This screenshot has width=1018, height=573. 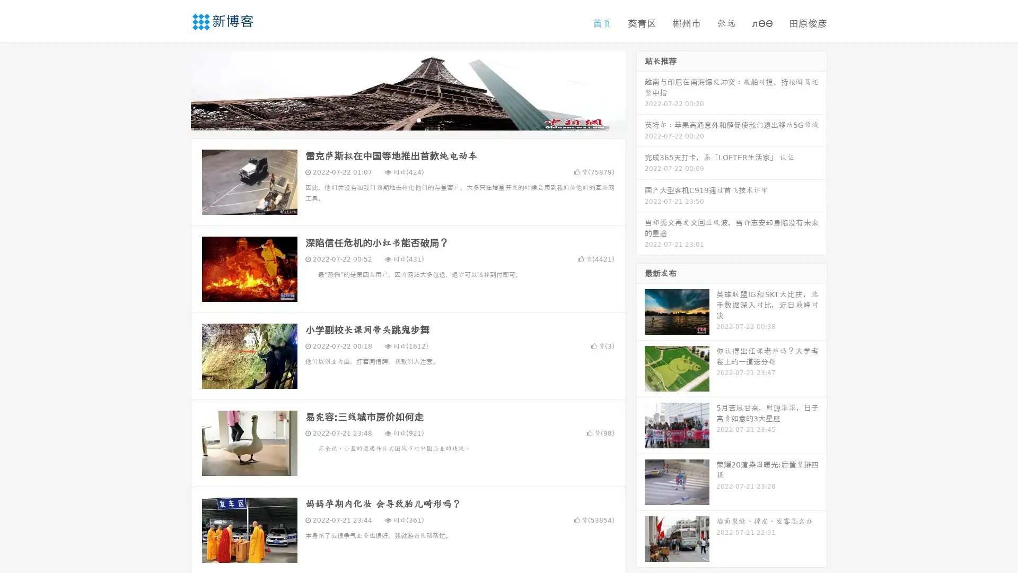 What do you see at coordinates (397, 119) in the screenshot?
I see `Go to slide 1` at bounding box center [397, 119].